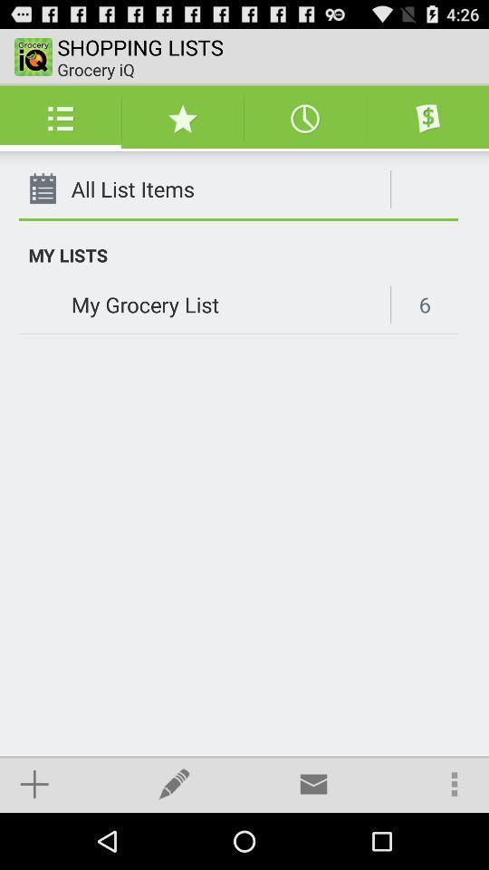 Image resolution: width=489 pixels, height=870 pixels. I want to click on item at the bottom left corner, so click(34, 783).